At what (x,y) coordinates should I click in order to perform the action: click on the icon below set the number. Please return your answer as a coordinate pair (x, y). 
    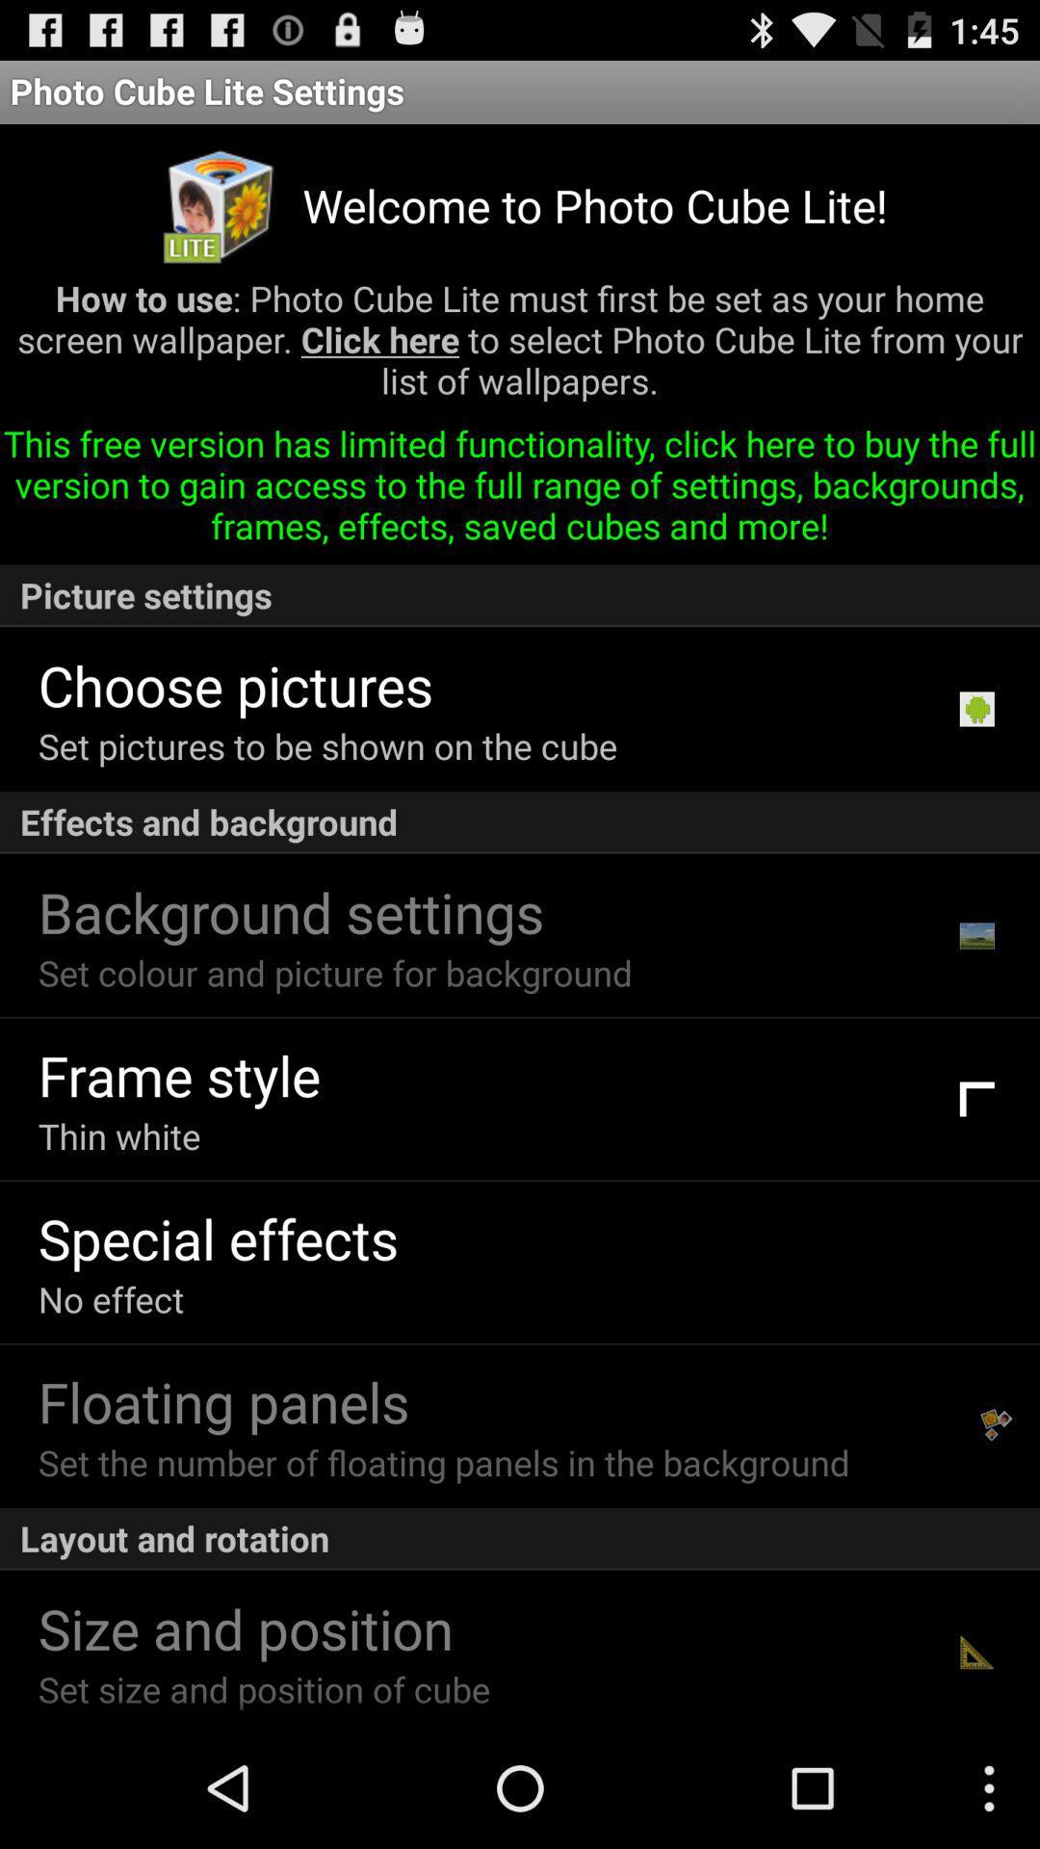
    Looking at the image, I should click on (520, 1538).